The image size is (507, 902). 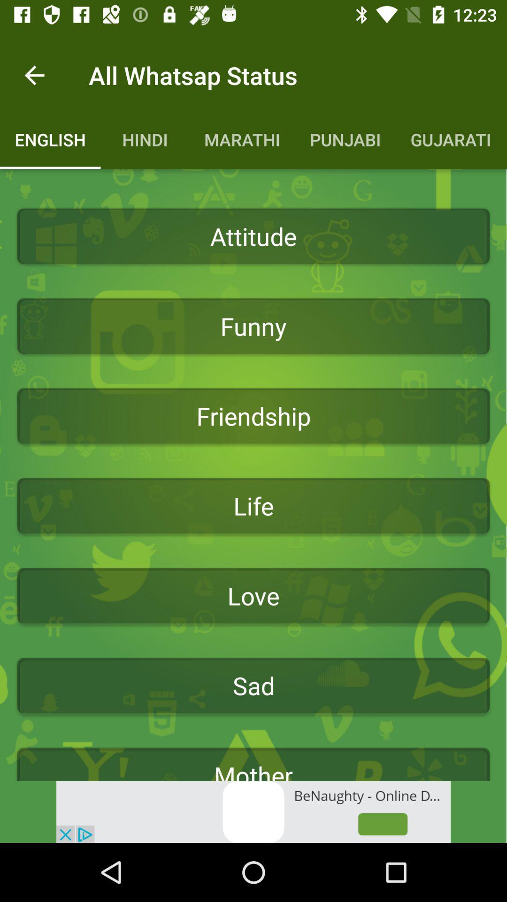 I want to click on the advertisement, so click(x=253, y=811).